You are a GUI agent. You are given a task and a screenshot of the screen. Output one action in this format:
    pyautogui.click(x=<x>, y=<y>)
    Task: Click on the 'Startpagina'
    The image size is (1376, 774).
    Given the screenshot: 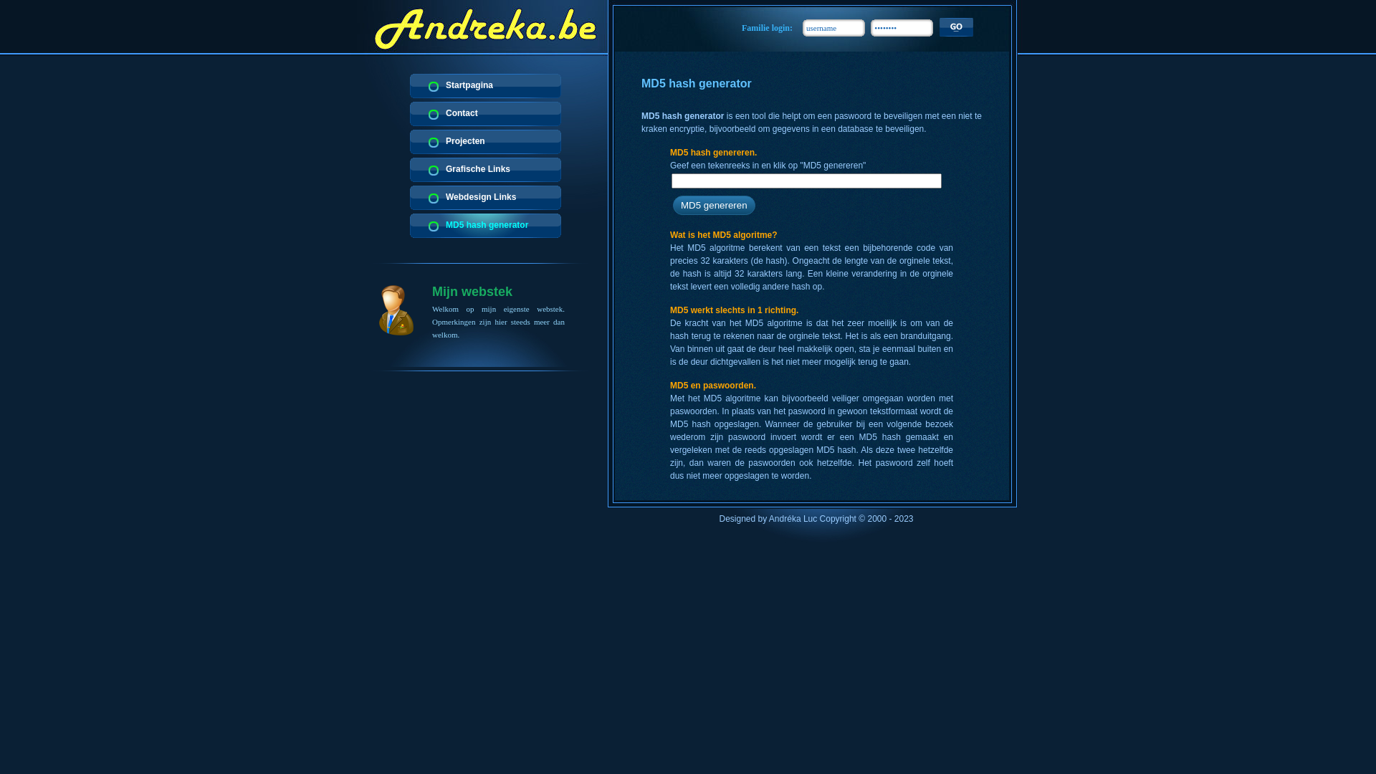 What is the action you would take?
    pyautogui.click(x=485, y=85)
    